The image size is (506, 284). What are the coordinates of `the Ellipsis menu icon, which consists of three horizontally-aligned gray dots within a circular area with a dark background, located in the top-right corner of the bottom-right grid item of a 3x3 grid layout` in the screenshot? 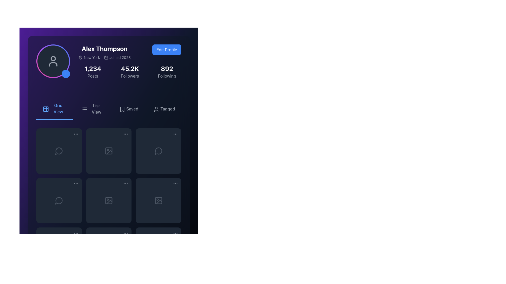 It's located at (76, 233).